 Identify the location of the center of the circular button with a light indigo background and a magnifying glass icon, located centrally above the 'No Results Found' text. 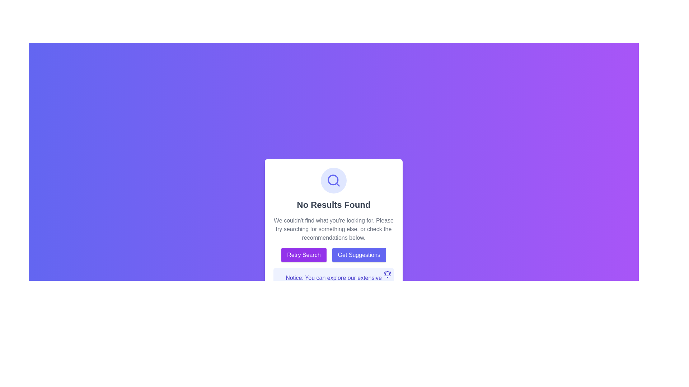
(333, 180).